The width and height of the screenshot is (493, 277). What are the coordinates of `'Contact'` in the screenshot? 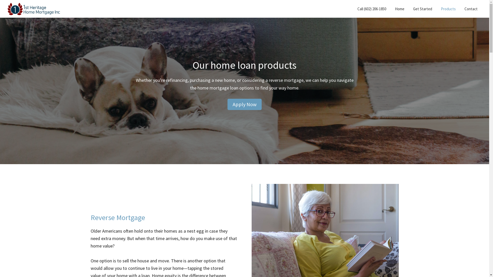 It's located at (461, 9).